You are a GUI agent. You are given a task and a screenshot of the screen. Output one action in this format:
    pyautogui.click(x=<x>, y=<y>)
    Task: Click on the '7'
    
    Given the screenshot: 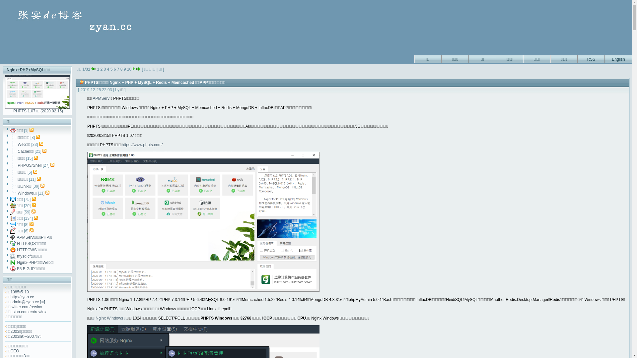 What is the action you would take?
    pyautogui.click(x=117, y=69)
    